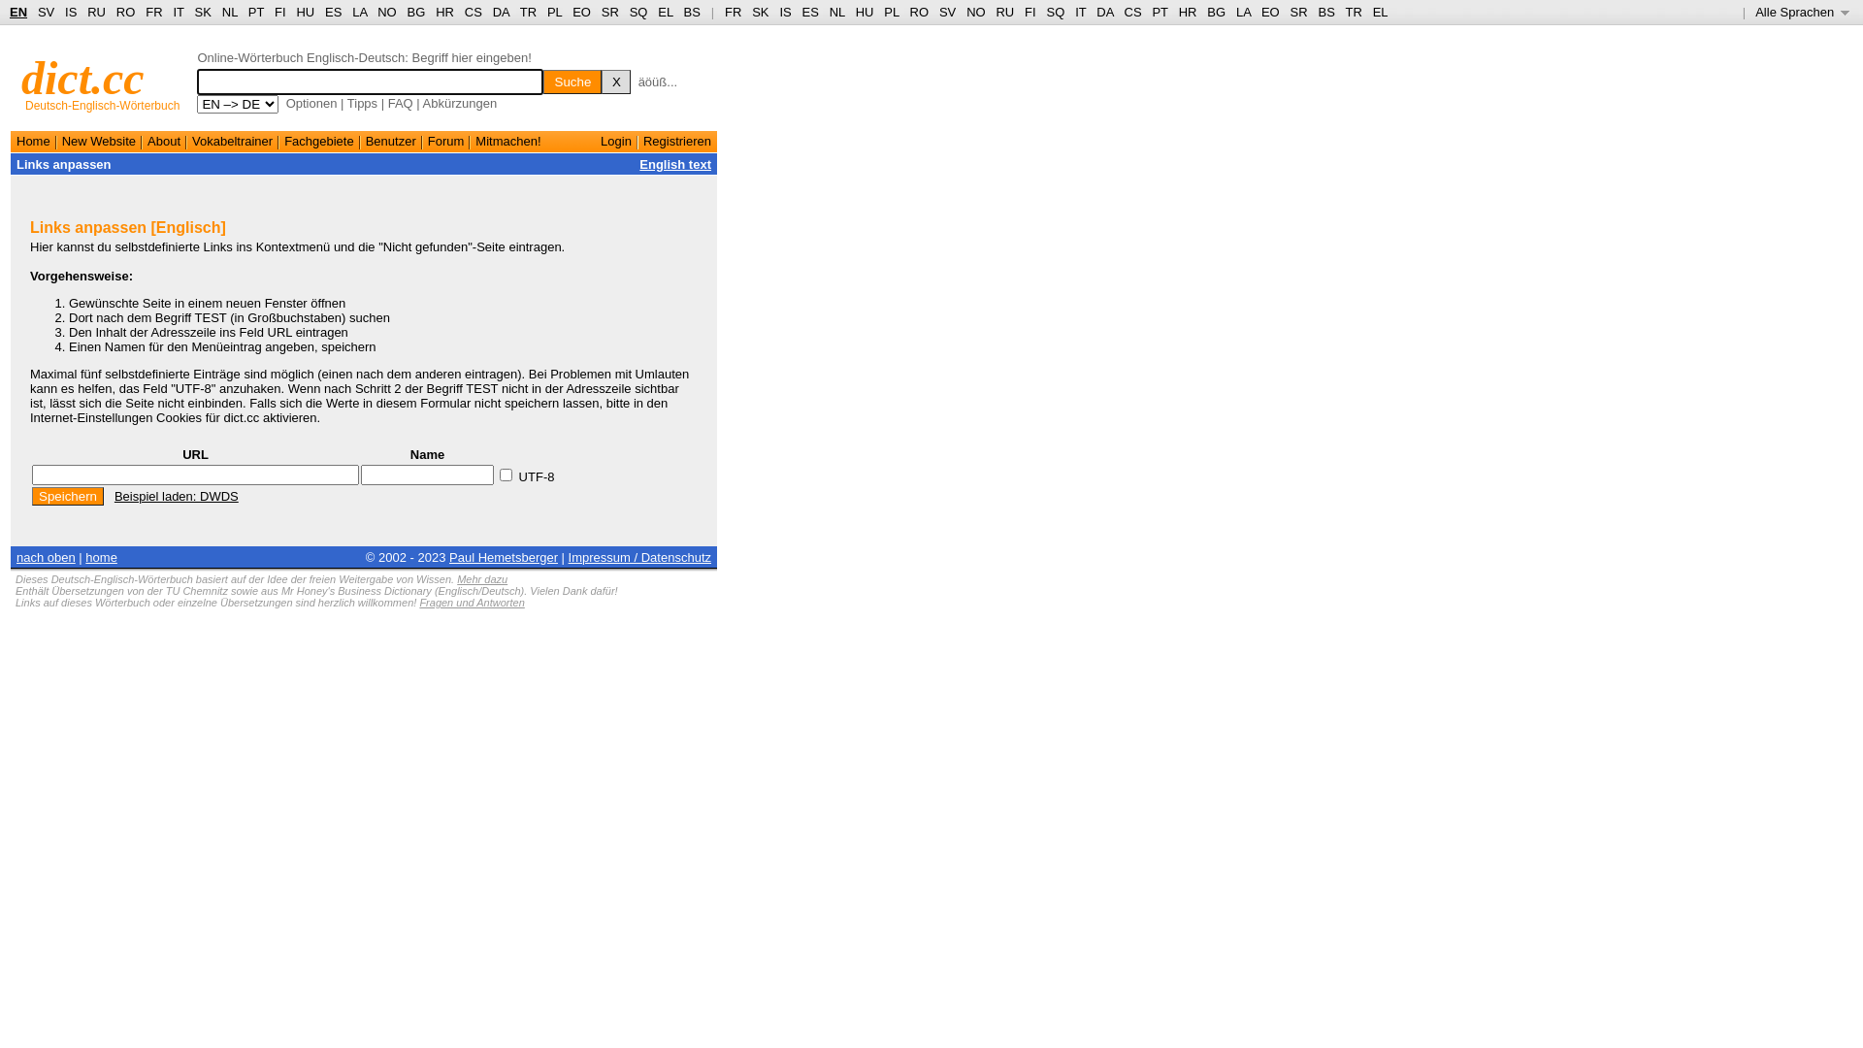 This screenshot has width=1863, height=1048. I want to click on 'Registrieren', so click(676, 140).